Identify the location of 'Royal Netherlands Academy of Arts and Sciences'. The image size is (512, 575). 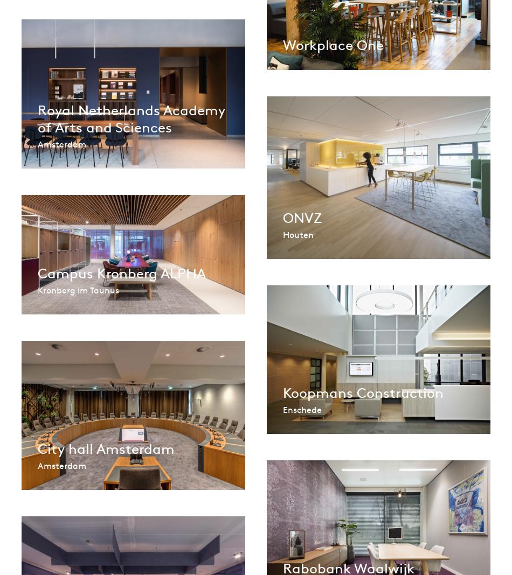
(130, 118).